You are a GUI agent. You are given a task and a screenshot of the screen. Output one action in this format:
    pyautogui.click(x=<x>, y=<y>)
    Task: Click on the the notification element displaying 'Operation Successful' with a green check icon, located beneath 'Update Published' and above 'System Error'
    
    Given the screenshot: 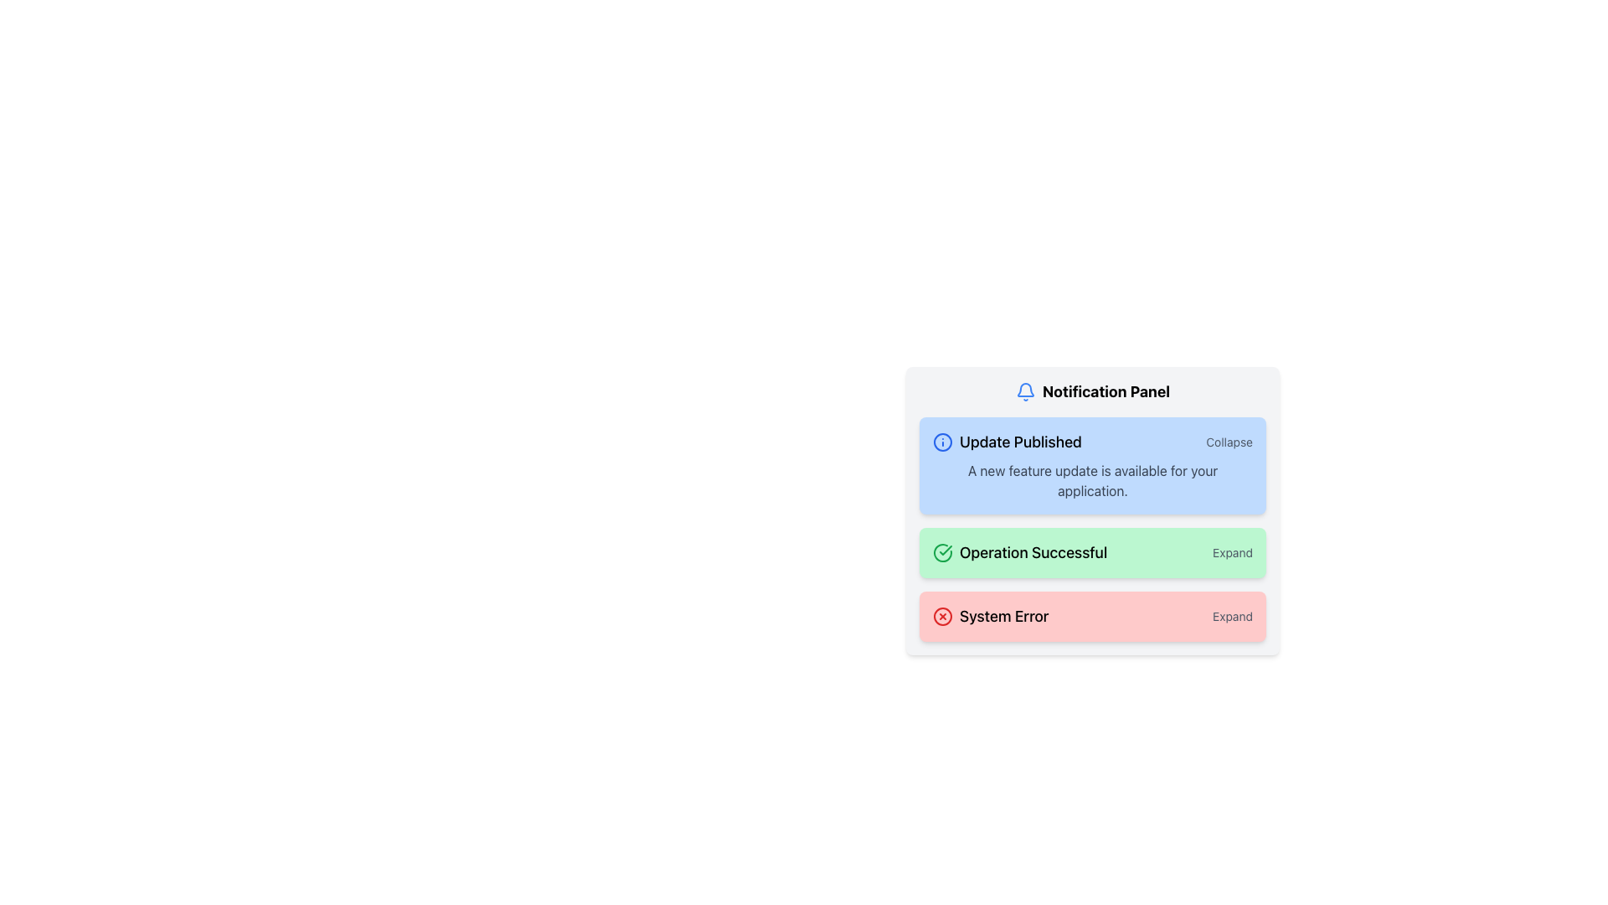 What is the action you would take?
    pyautogui.click(x=1019, y=552)
    